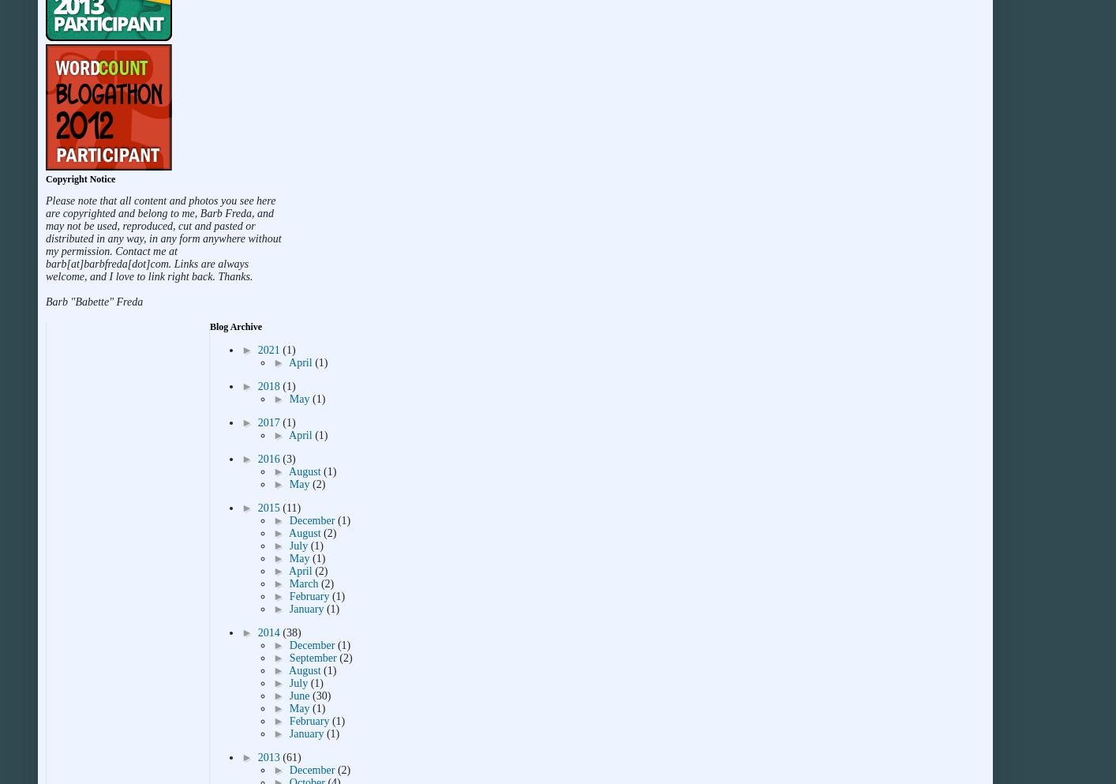 The width and height of the screenshot is (1116, 784). What do you see at coordinates (288, 696) in the screenshot?
I see `'June'` at bounding box center [288, 696].